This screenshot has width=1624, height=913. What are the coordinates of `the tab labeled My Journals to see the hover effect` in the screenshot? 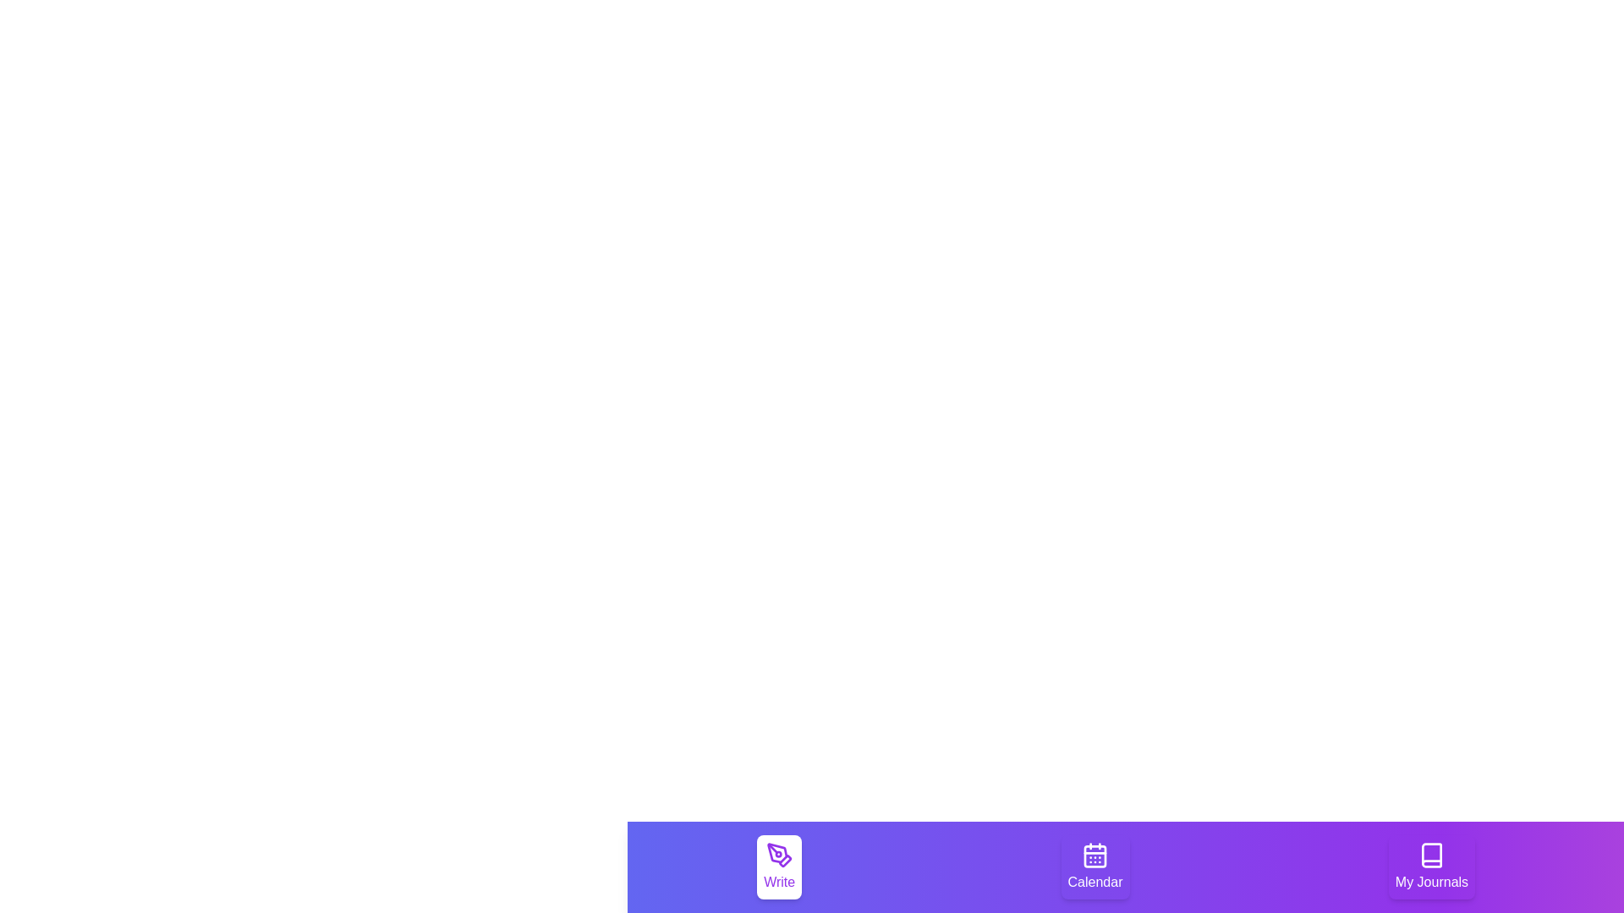 It's located at (1431, 867).